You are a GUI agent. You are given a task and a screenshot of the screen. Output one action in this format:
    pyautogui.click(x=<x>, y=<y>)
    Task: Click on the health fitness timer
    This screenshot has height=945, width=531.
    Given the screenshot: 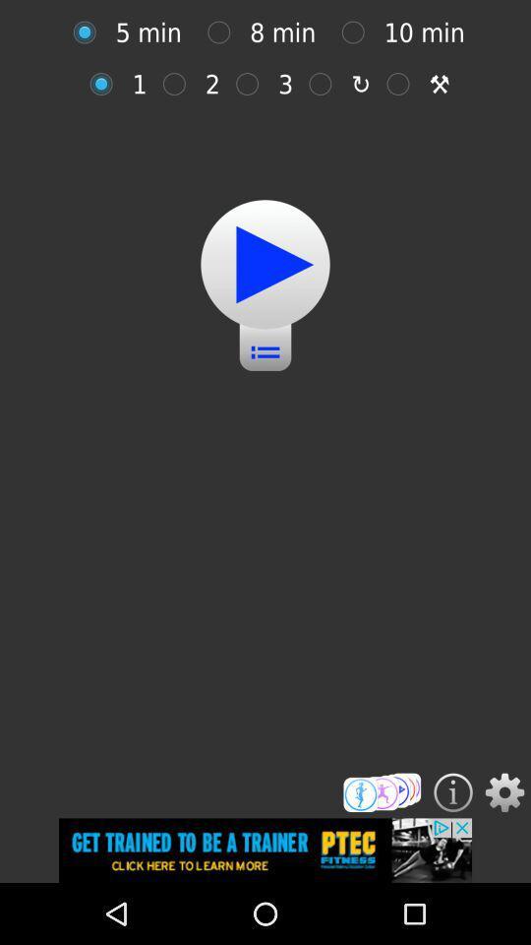 What is the action you would take?
    pyautogui.click(x=88, y=31)
    